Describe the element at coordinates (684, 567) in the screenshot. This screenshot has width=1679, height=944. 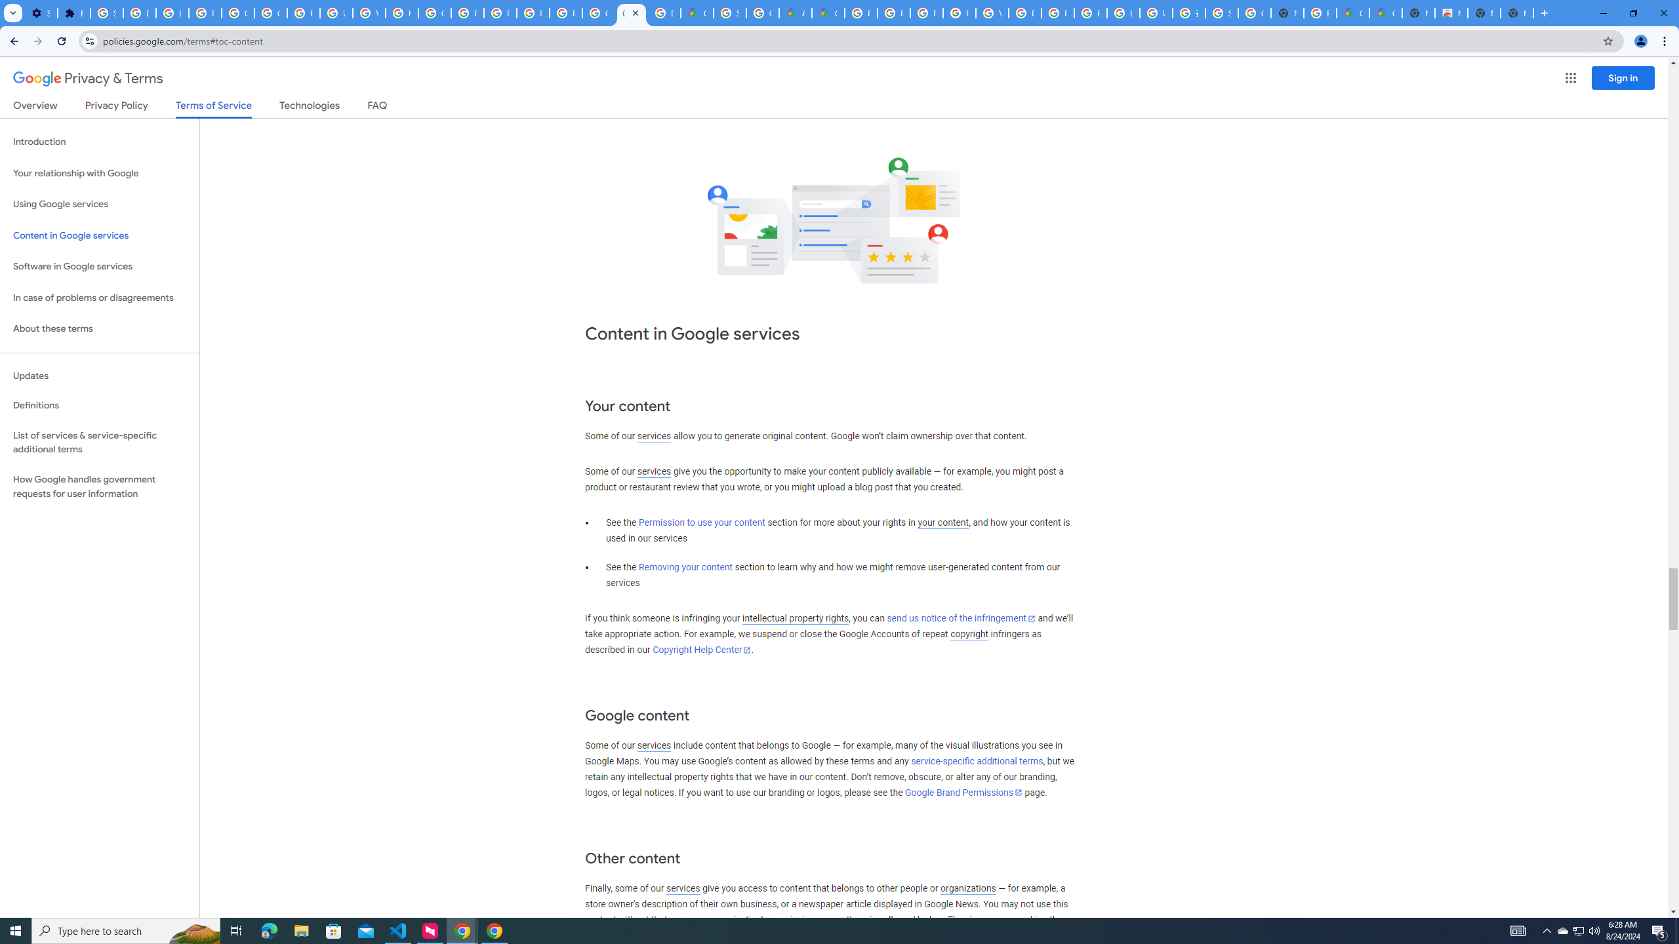
I see `'Removing your content'` at that location.